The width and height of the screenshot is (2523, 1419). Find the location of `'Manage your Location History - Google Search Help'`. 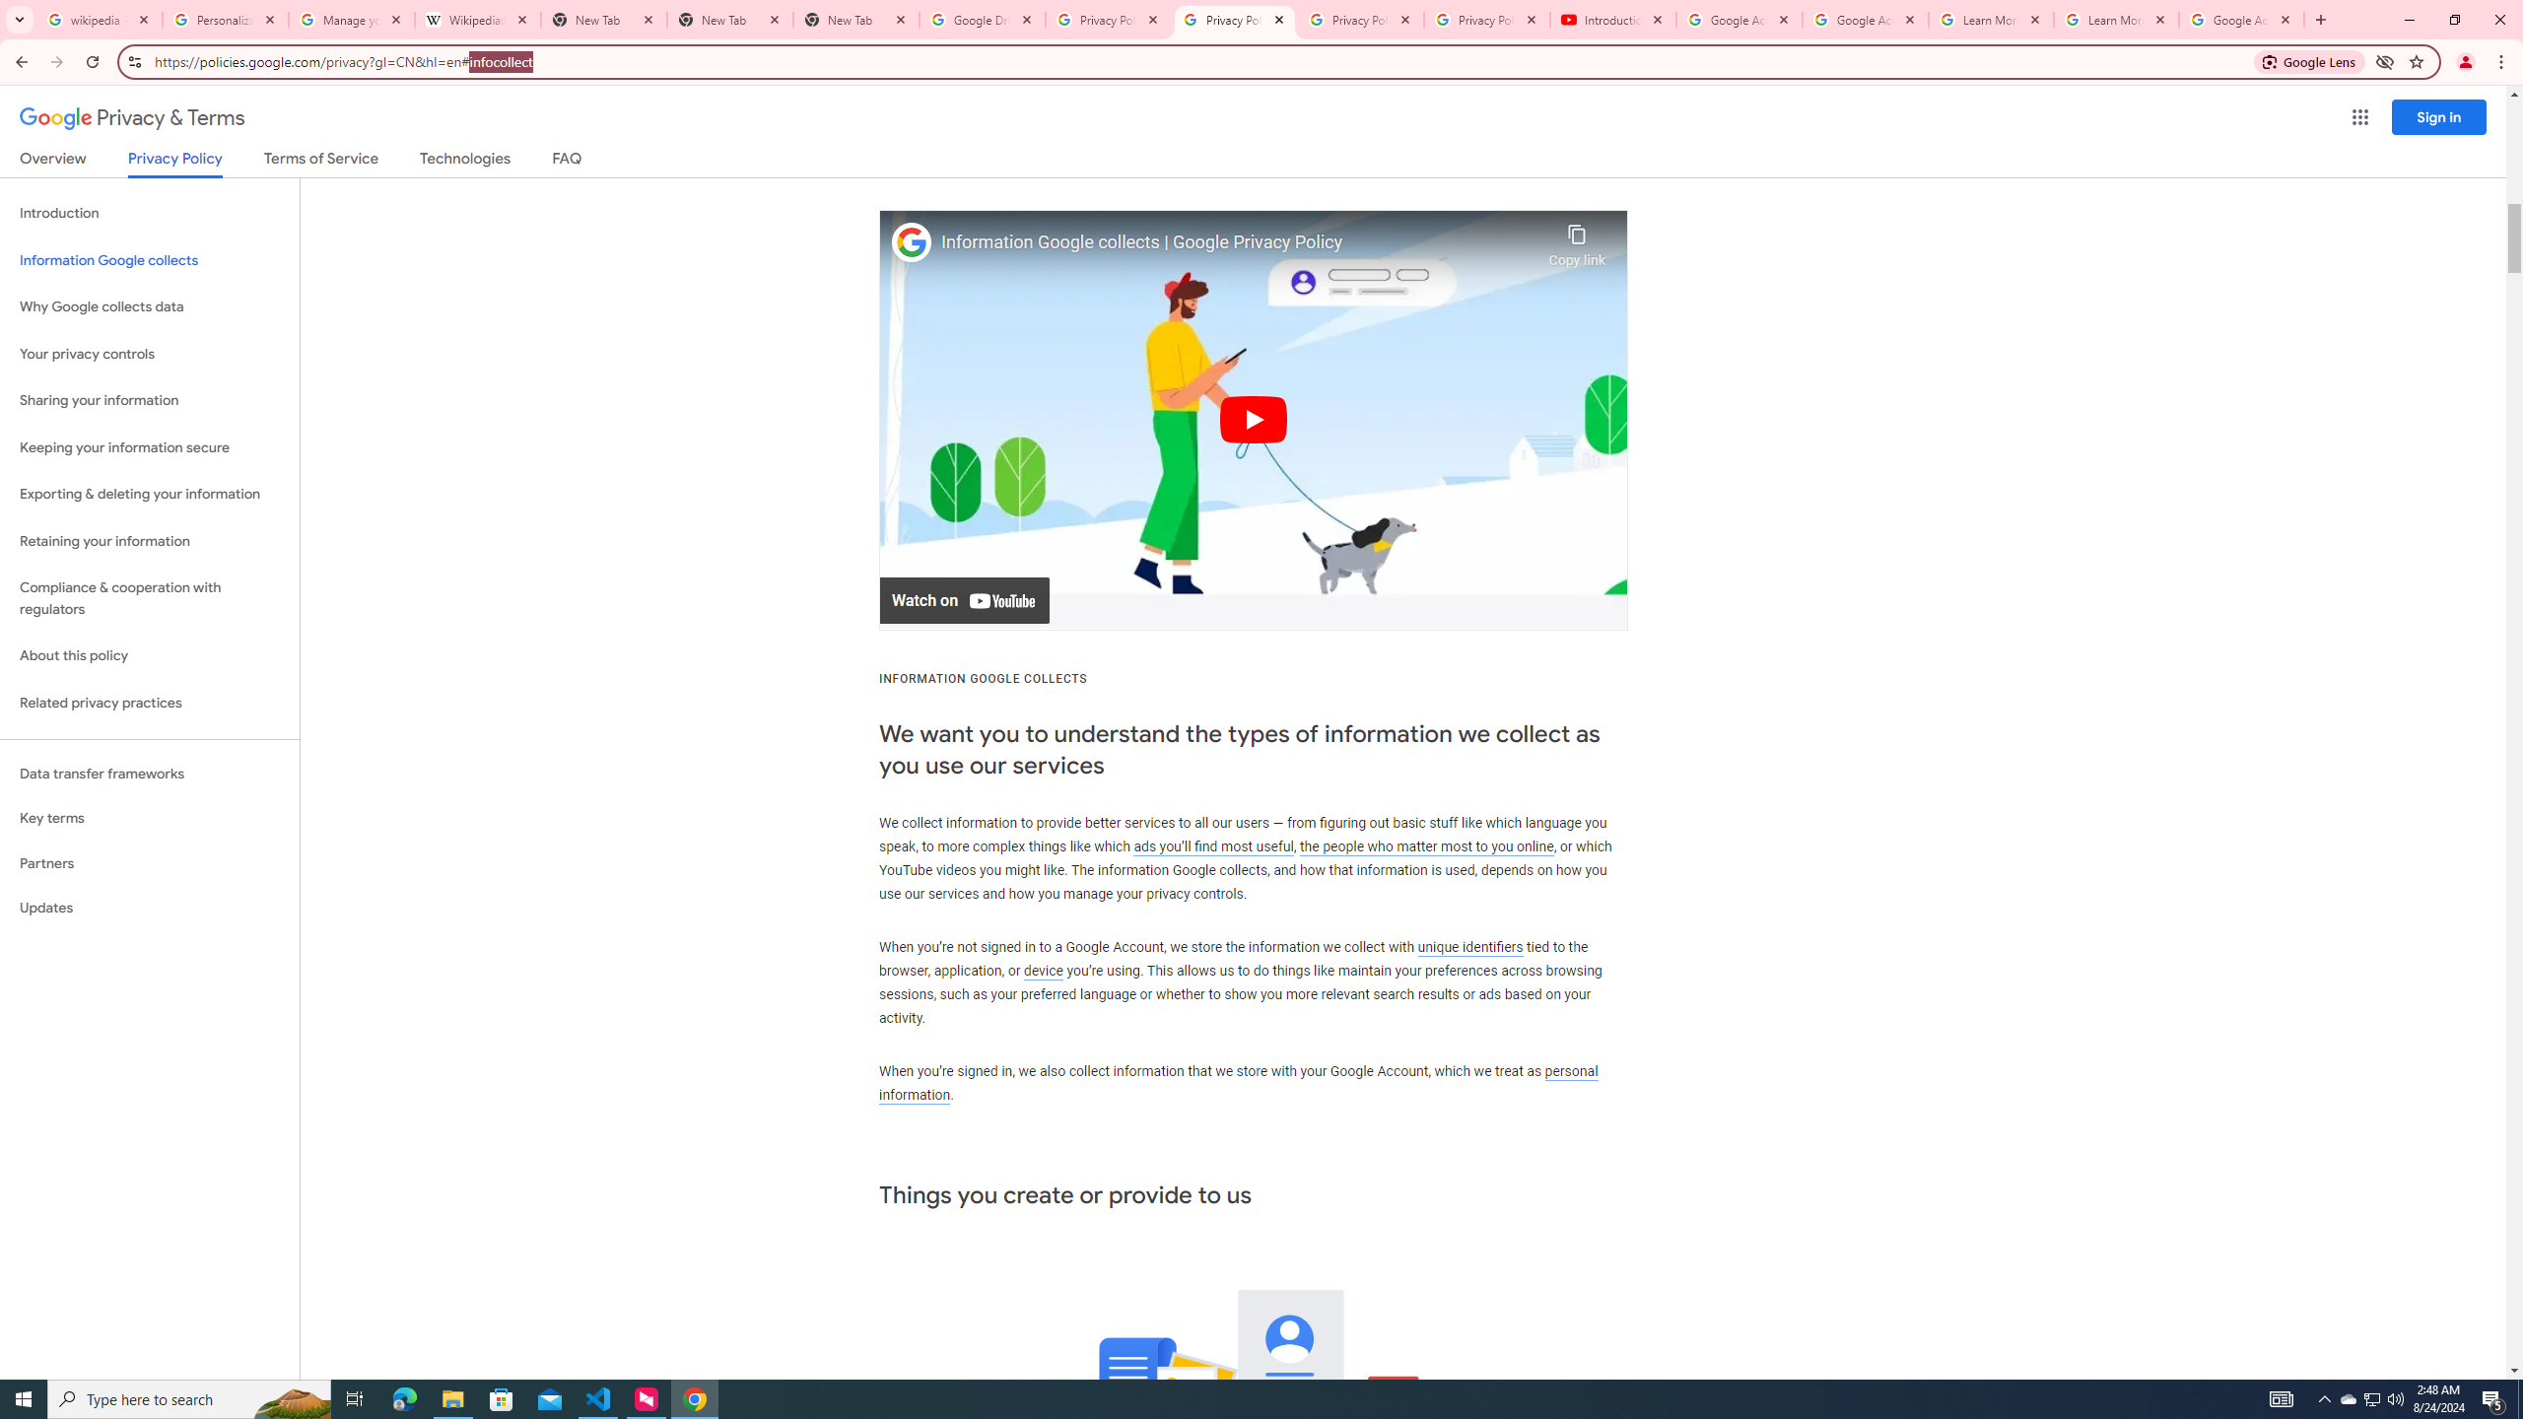

'Manage your Location History - Google Search Help' is located at coordinates (351, 19).